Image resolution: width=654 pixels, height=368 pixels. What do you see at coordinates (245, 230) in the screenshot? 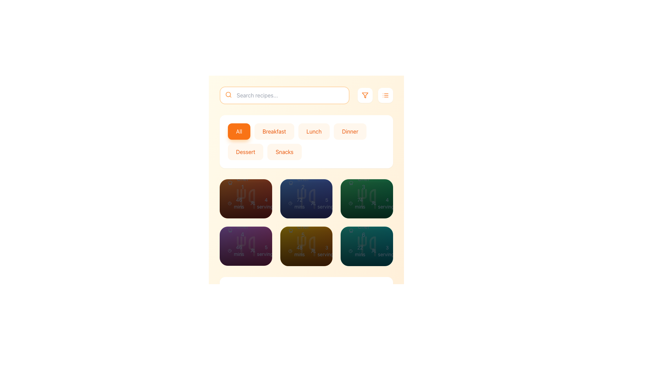
I see `the Informational panel at the bottom of the second card in the recipe browsing interface, which contains recipe details such as title, chef name, and rating` at bounding box center [245, 230].